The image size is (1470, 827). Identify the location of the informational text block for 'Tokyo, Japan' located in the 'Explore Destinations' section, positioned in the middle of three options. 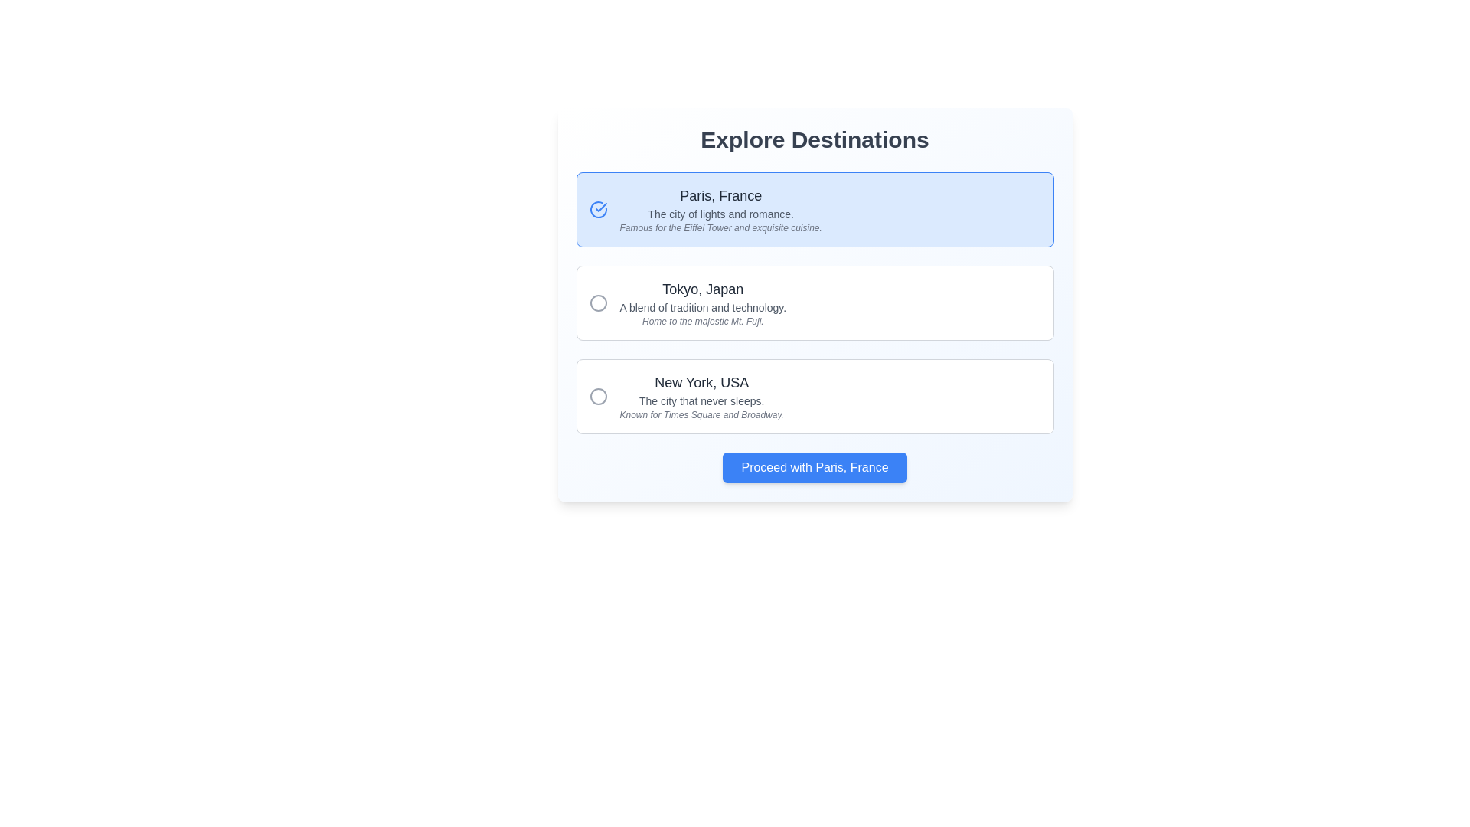
(702, 303).